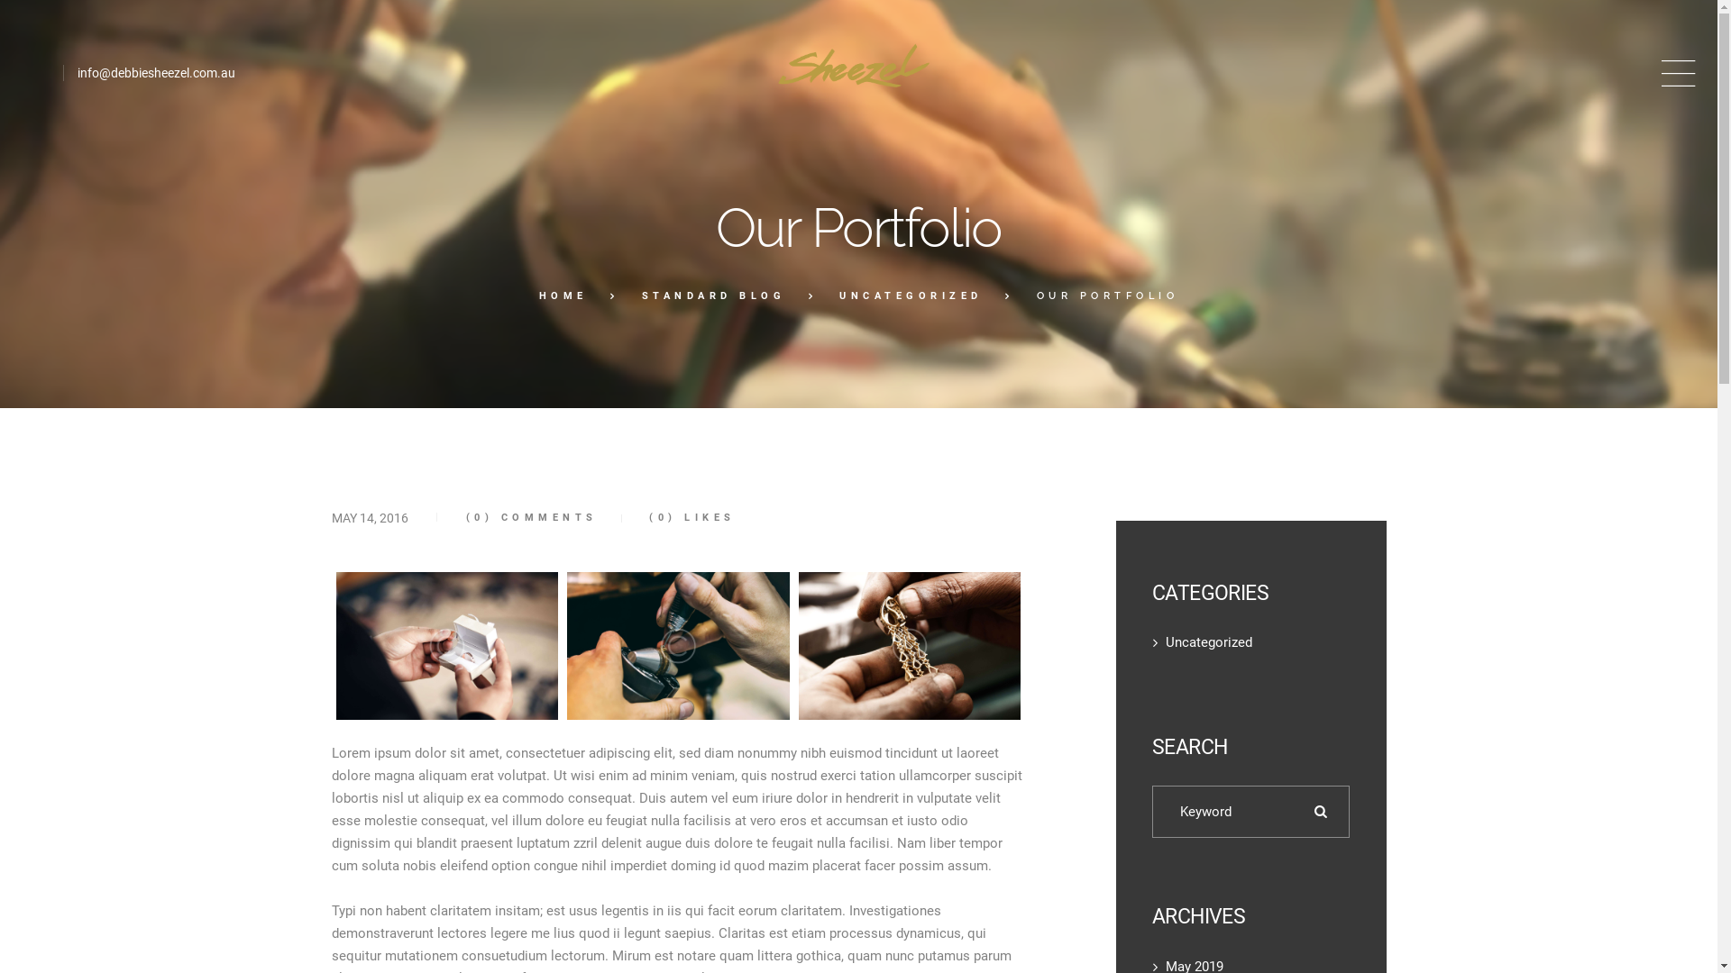  What do you see at coordinates (530, 517) in the screenshot?
I see `'(0) COMMENTS'` at bounding box center [530, 517].